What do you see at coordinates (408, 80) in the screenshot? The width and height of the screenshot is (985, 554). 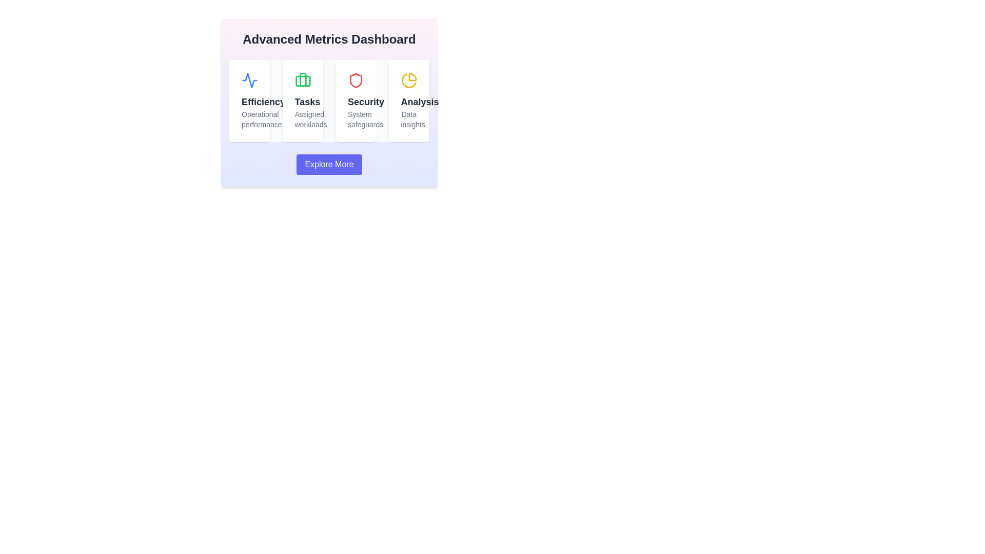 I see `the yellow pie chart icon` at bounding box center [408, 80].